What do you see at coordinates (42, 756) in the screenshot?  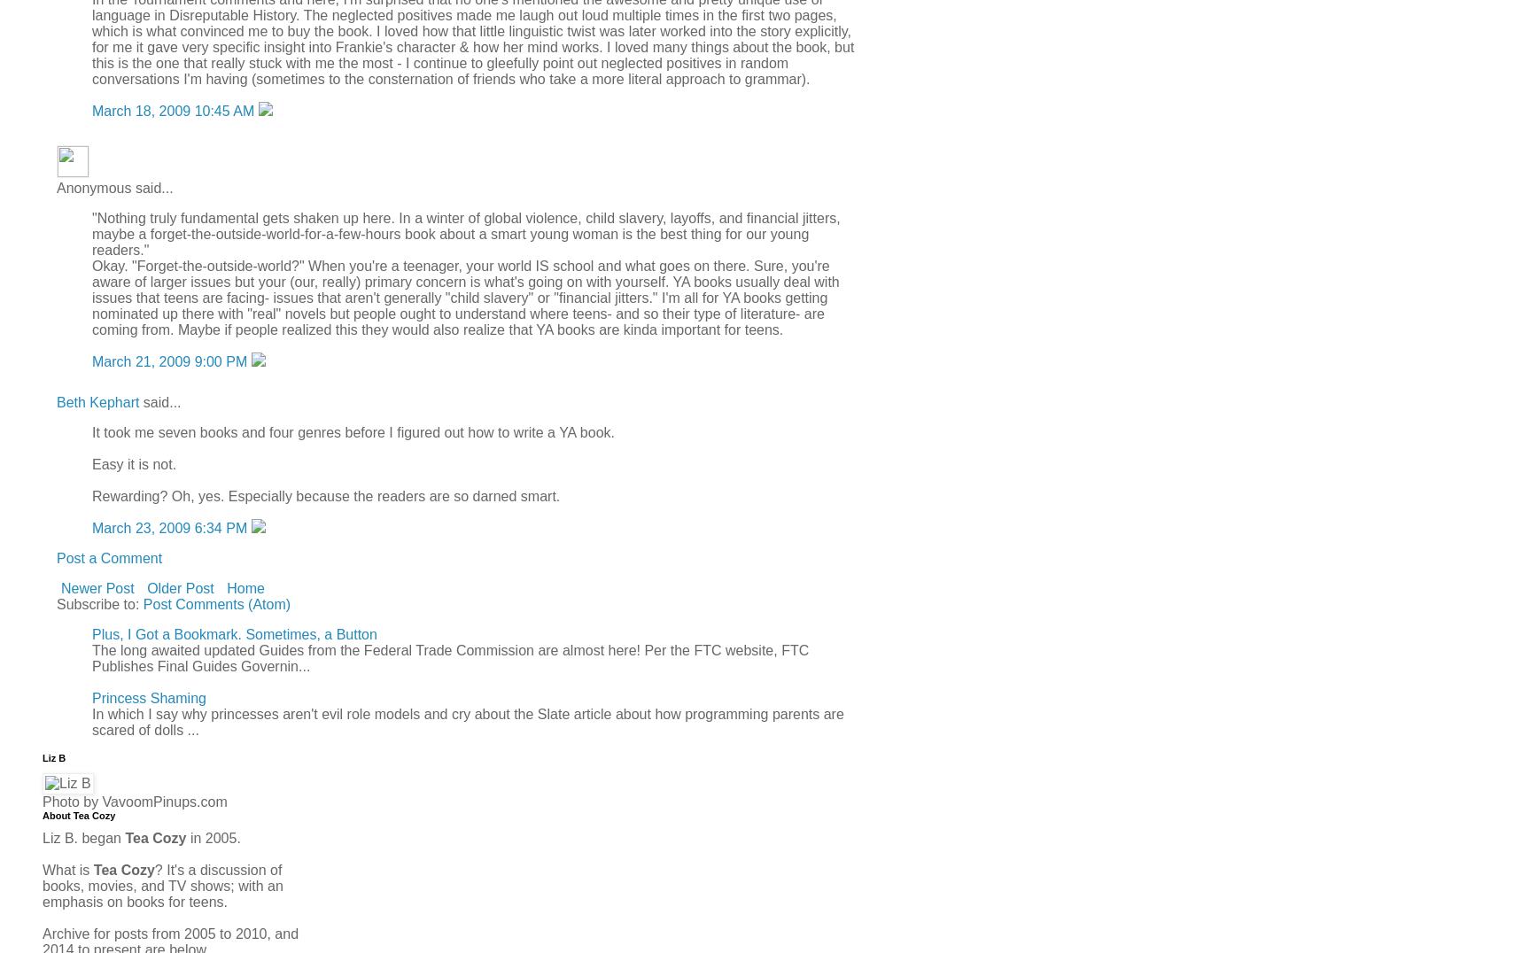 I see `'Liz B'` at bounding box center [42, 756].